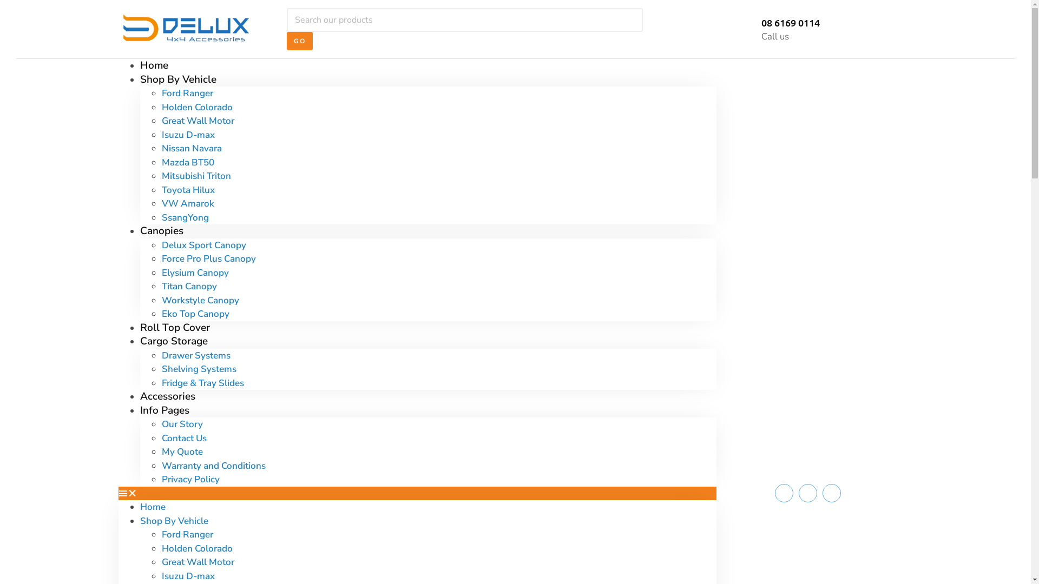  Describe the element at coordinates (160, 175) in the screenshot. I see `'Mitsubishi Triton'` at that location.